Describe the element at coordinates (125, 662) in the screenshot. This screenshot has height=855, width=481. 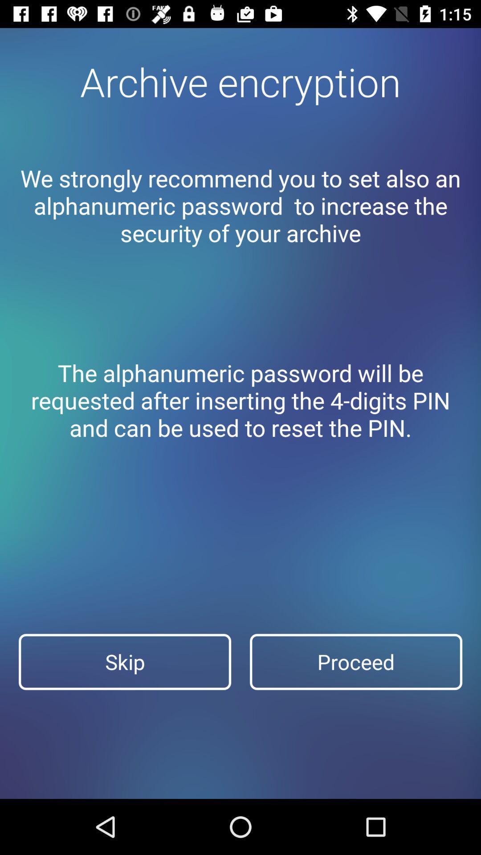
I see `icon to the left of proceed item` at that location.